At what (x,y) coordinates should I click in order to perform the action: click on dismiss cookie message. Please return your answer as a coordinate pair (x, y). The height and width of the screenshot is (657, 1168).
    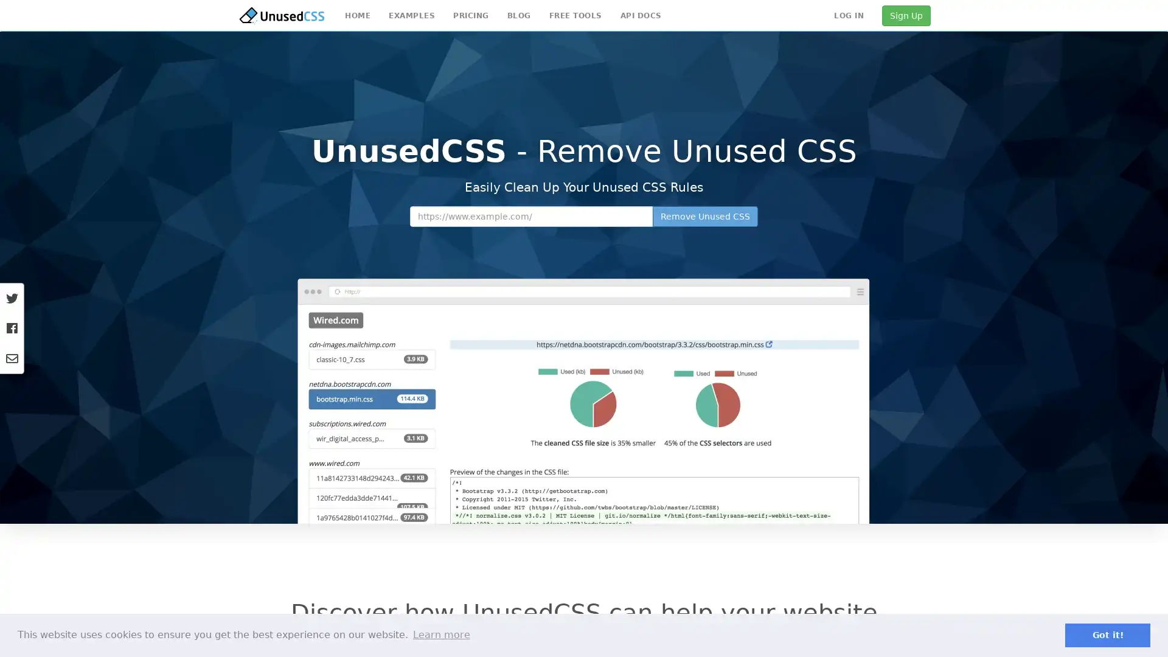
    Looking at the image, I should click on (1107, 634).